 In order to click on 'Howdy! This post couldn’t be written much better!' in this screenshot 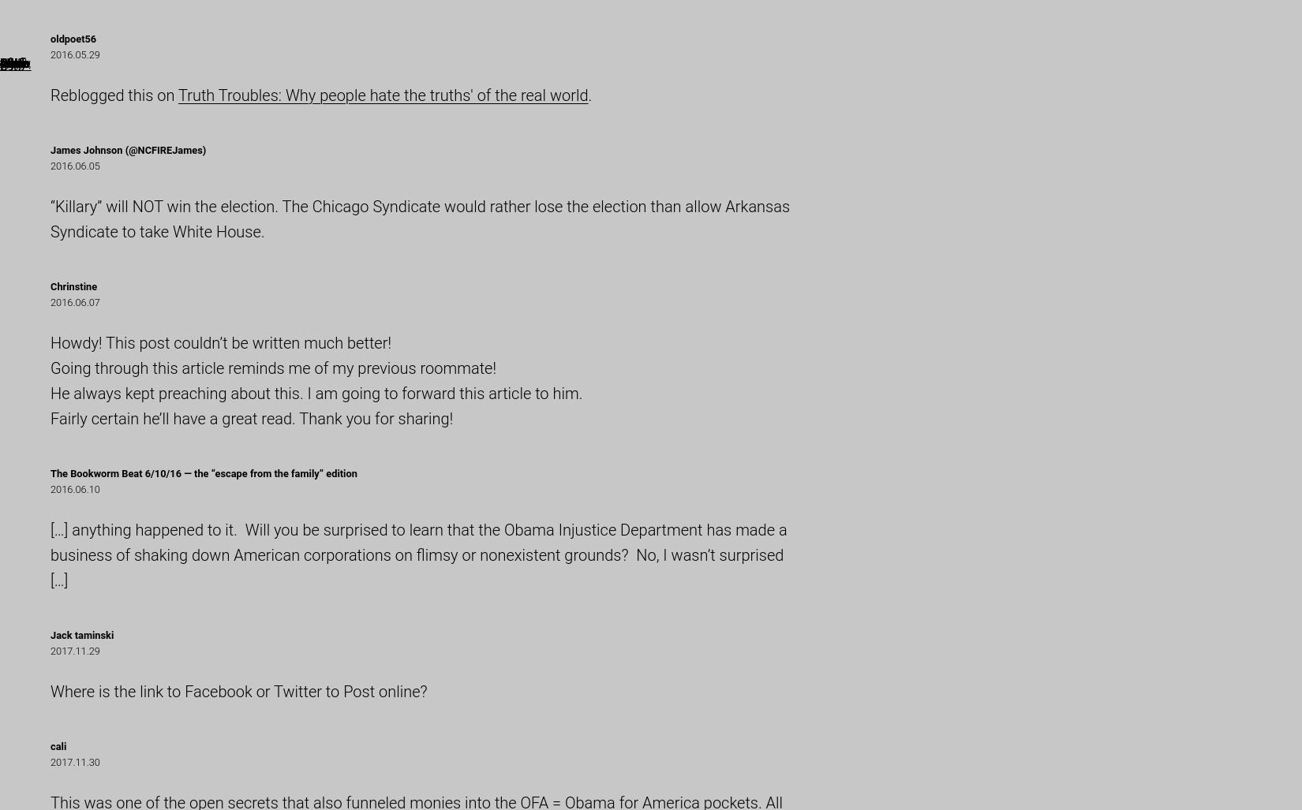, I will do `click(220, 342)`.